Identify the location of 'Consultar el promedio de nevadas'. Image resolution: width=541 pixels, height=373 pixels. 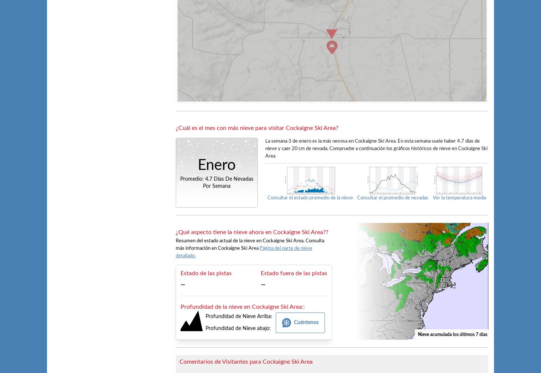
(357, 197).